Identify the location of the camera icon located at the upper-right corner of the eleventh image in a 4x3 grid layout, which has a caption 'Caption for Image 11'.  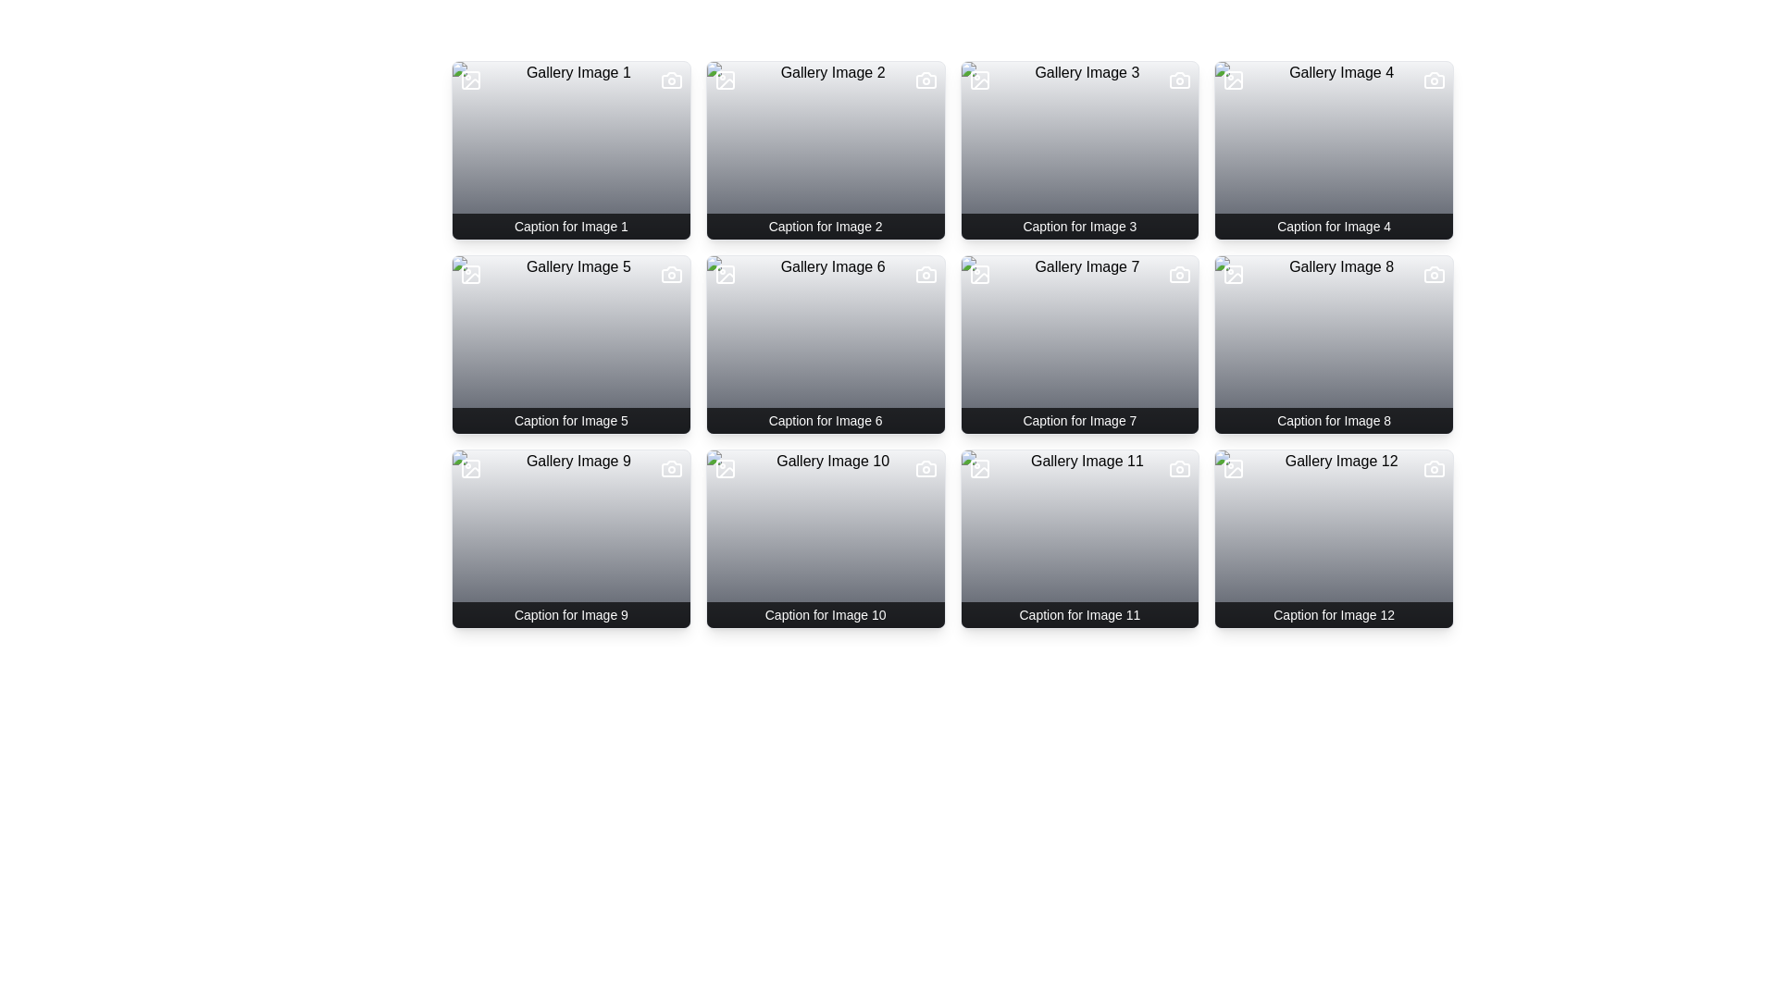
(1179, 467).